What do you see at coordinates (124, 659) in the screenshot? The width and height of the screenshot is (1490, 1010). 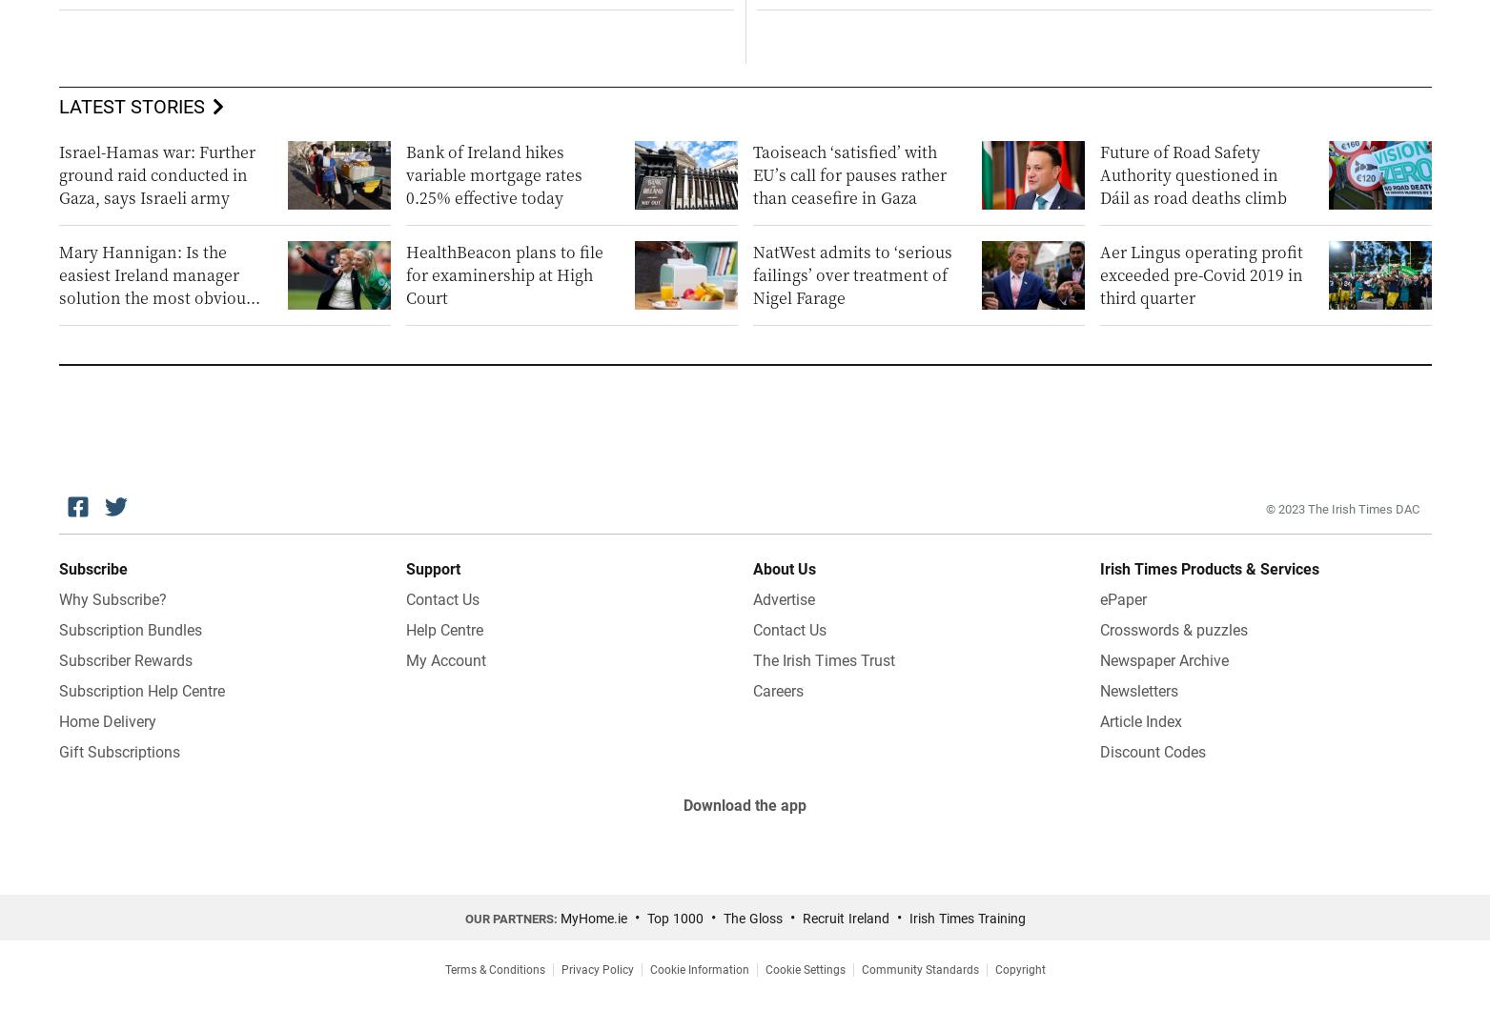 I see `'Subscriber Rewards'` at bounding box center [124, 659].